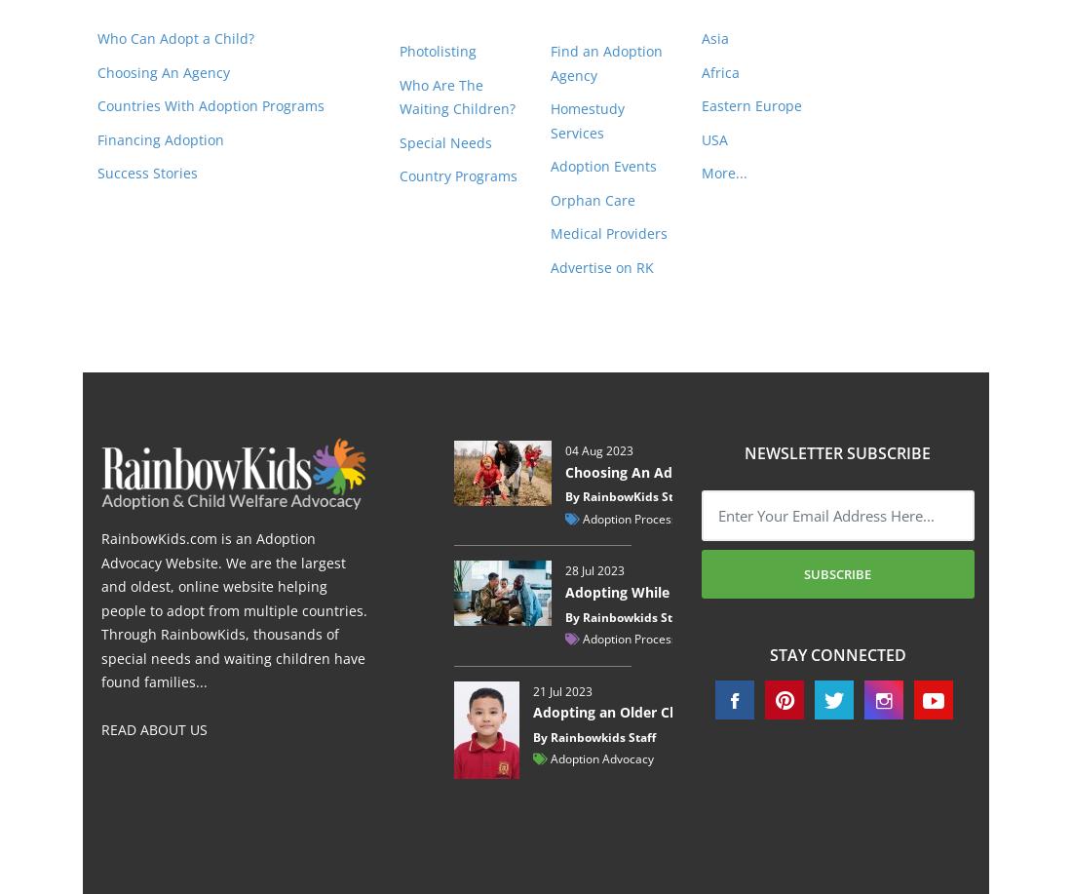 This screenshot has height=894, width=1072. I want to click on 'READ ABOUT US', so click(153, 728).